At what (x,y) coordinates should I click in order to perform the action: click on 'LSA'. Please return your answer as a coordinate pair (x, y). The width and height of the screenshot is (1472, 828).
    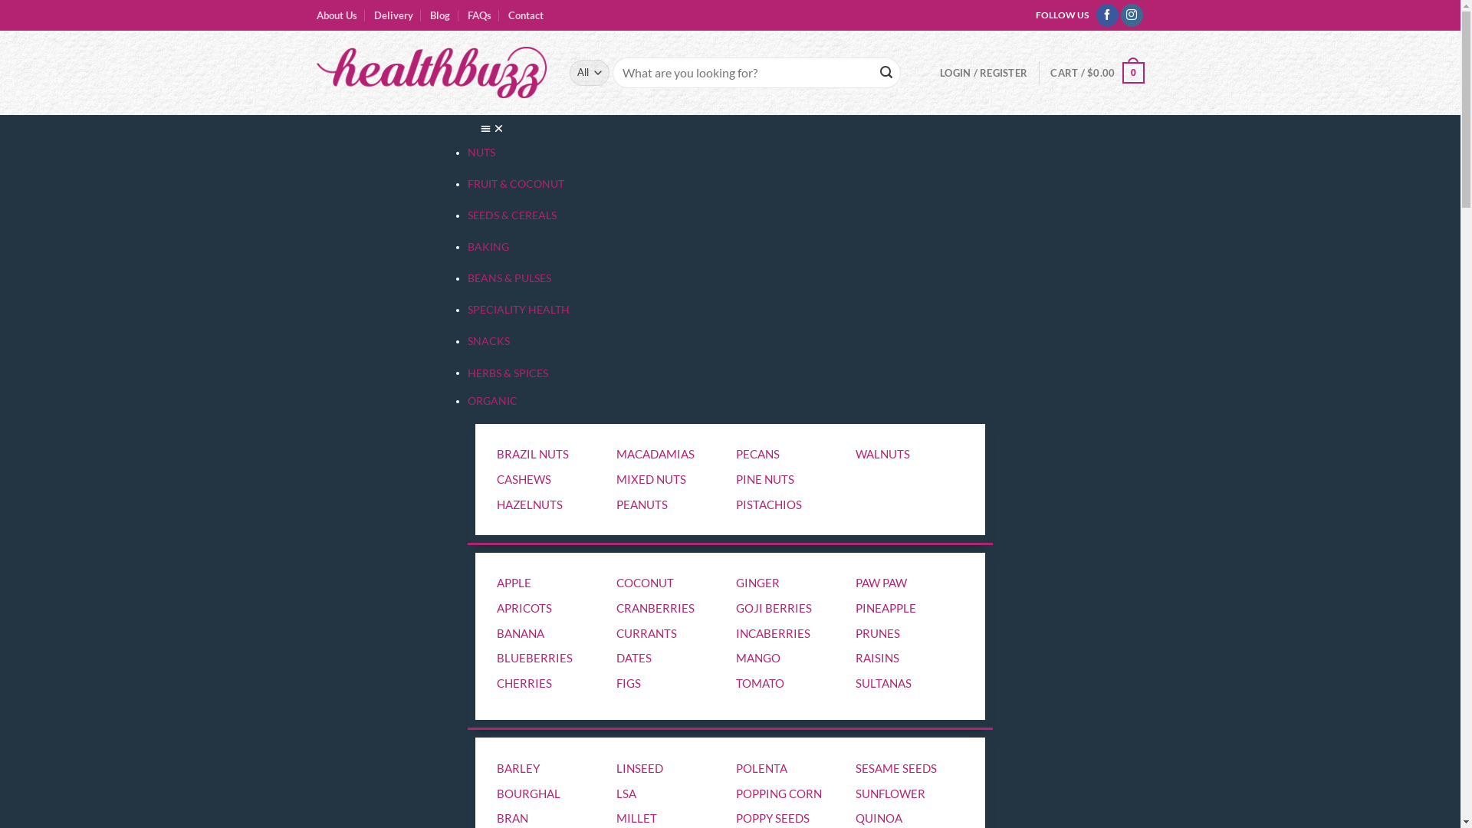
    Looking at the image, I should click on (626, 793).